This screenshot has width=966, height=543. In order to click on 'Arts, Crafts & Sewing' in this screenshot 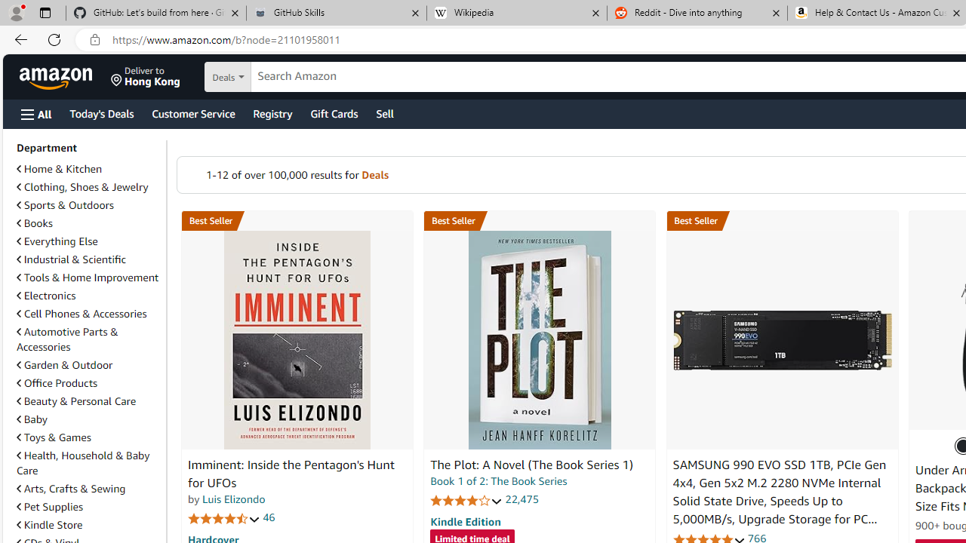, I will do `click(70, 489)`.